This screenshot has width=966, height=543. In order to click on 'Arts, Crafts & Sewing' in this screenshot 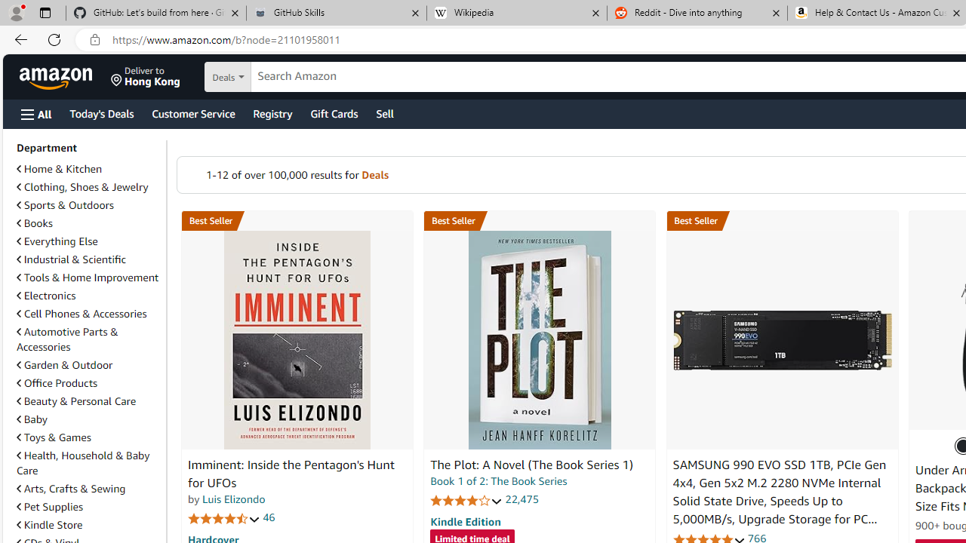, I will do `click(70, 489)`.